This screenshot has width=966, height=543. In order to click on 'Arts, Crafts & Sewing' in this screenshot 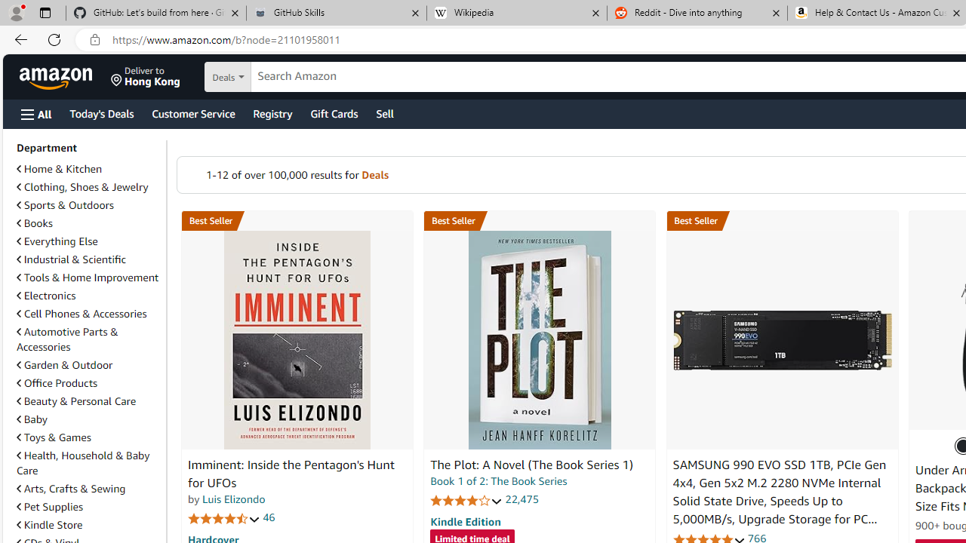, I will do `click(70, 489)`.